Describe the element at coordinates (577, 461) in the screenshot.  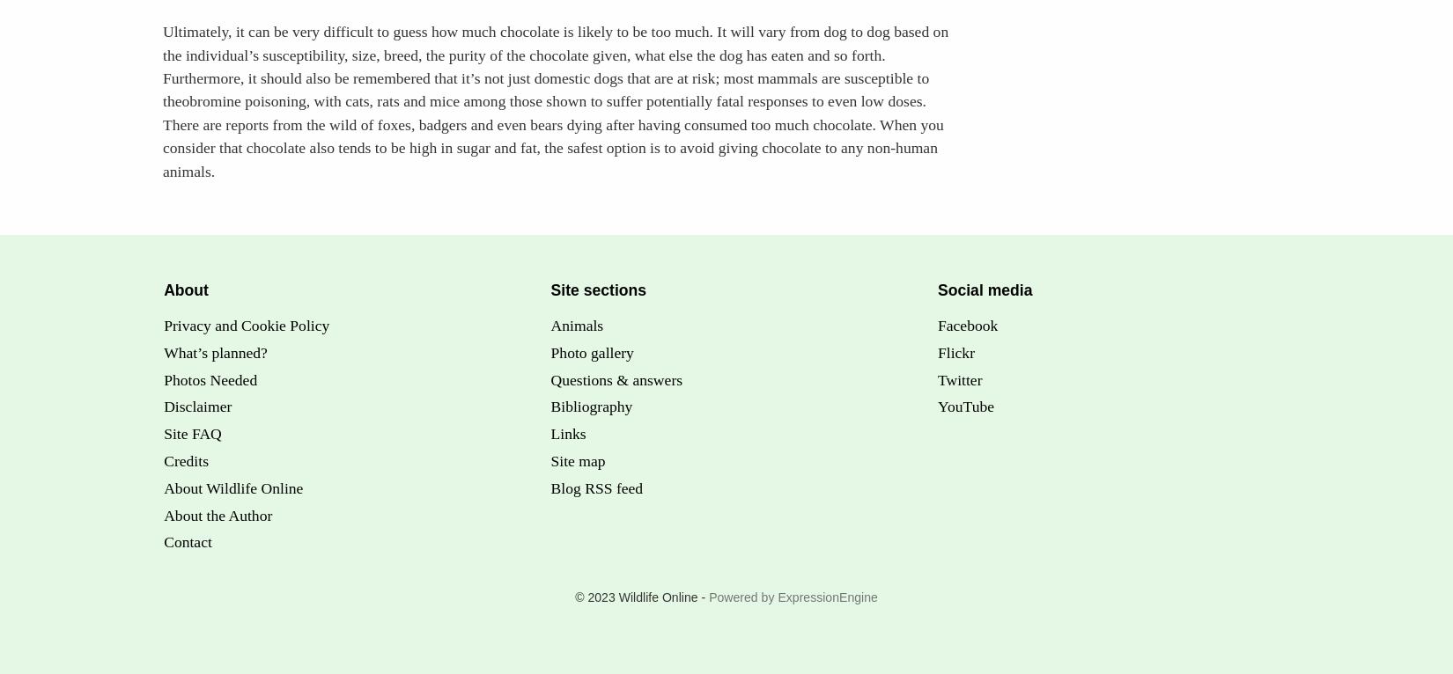
I see `'Site map'` at that location.